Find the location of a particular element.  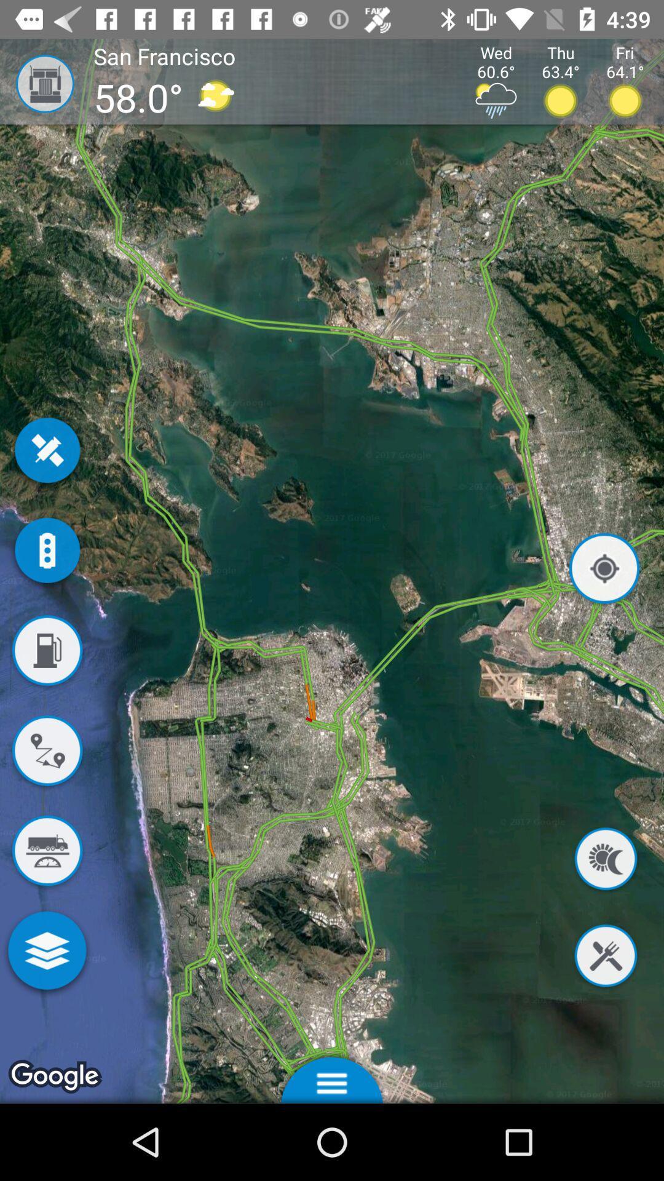

more map features is located at coordinates (46, 952).